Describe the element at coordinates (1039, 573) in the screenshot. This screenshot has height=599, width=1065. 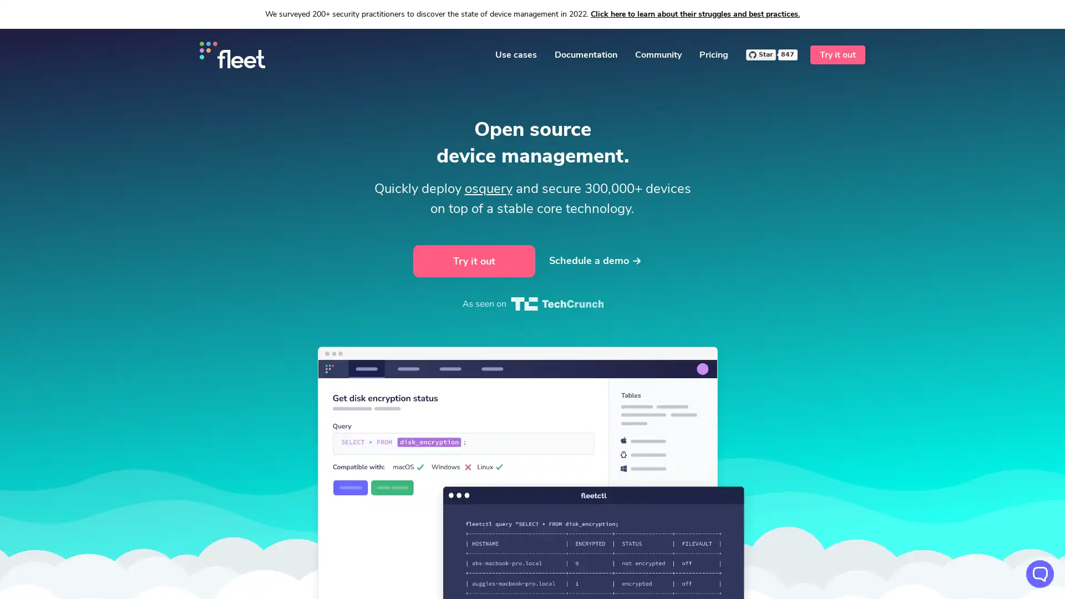
I see `Open chat widget` at that location.